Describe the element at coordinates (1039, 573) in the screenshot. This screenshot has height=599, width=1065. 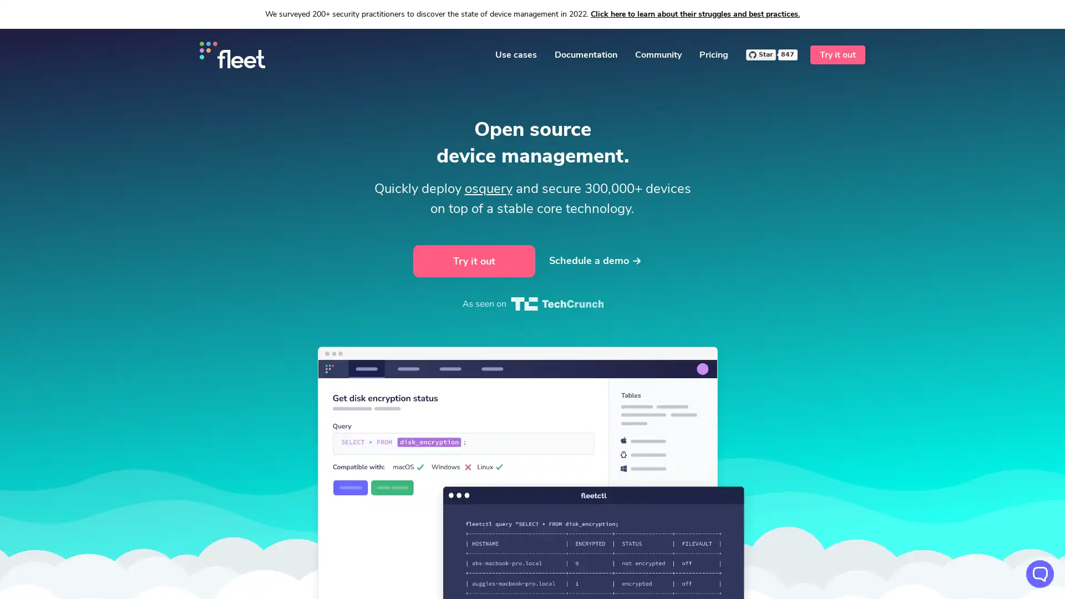
I see `Open chat widget` at that location.